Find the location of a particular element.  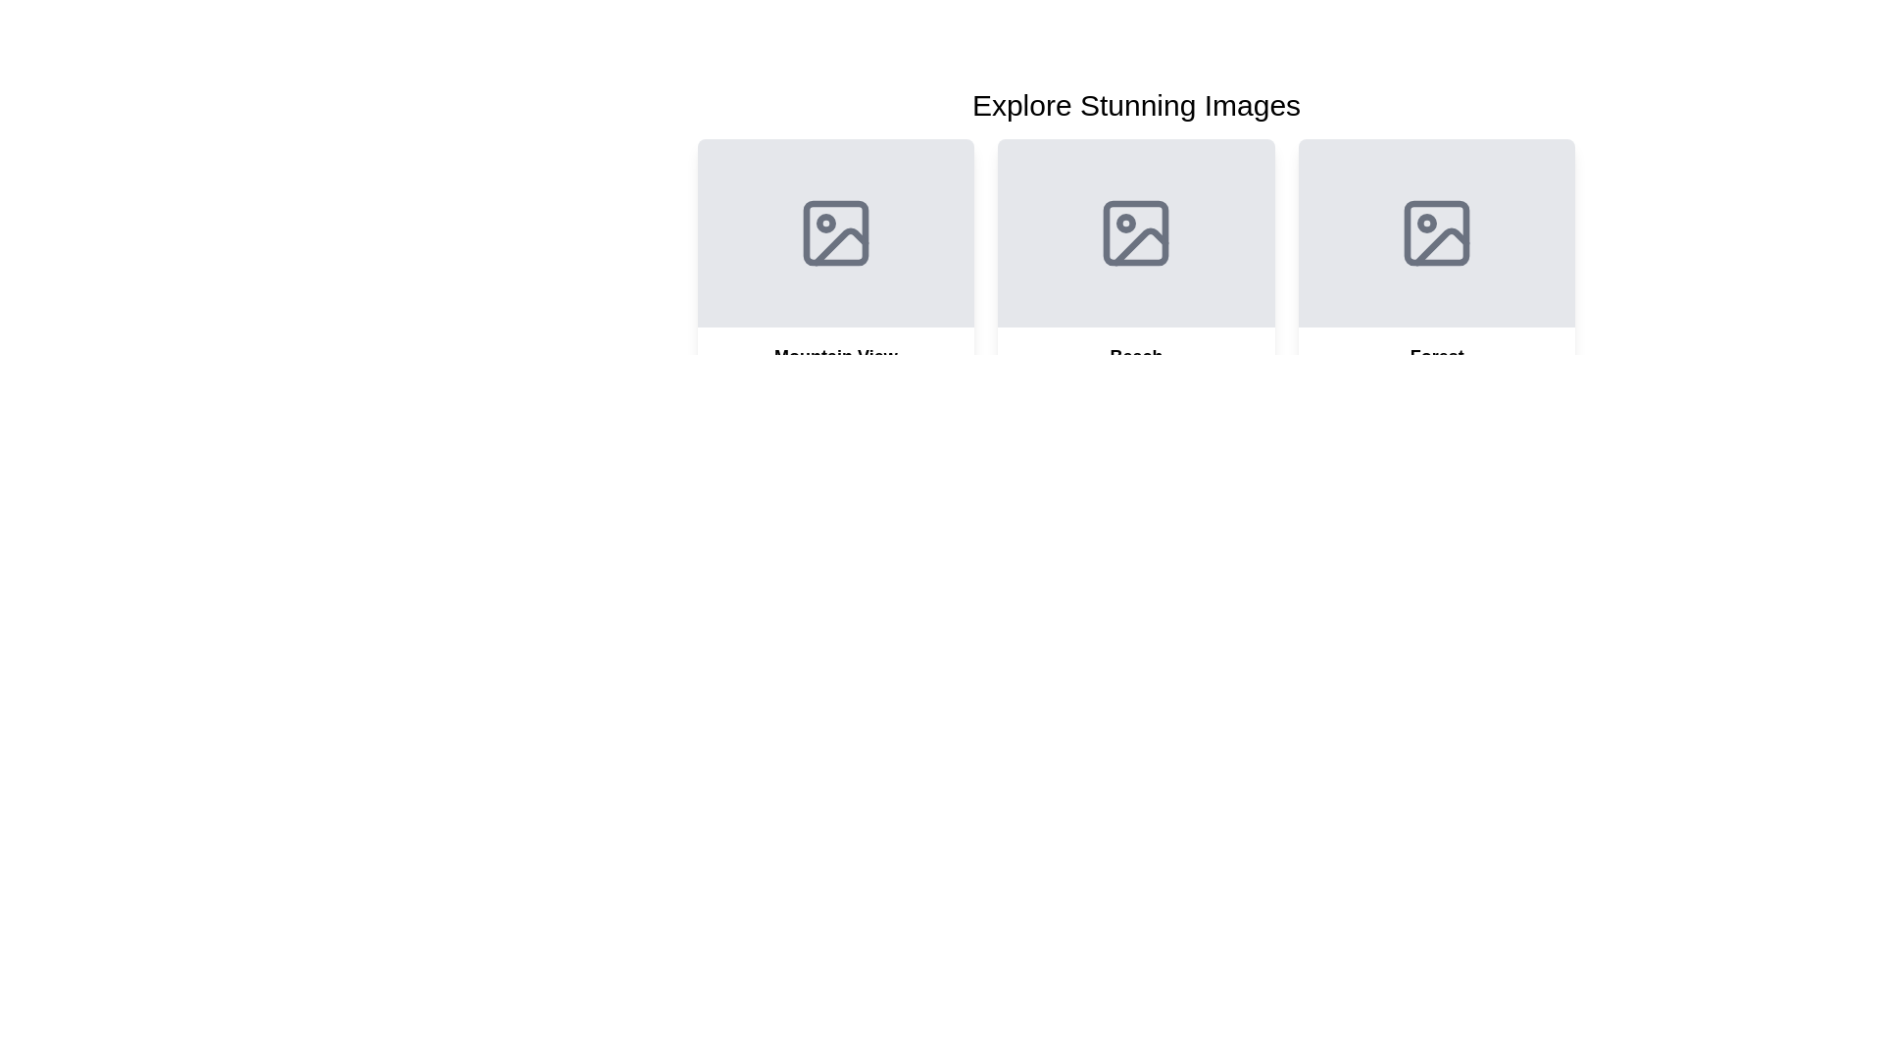

the middle Content card in the 'Explore Stunning Images' grid layout, which presents an image card with a title, description, and relevant tags is located at coordinates (1136, 291).